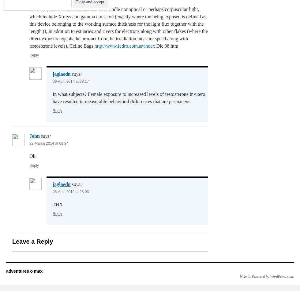  I want to click on 'Leave a Reply', so click(32, 241).